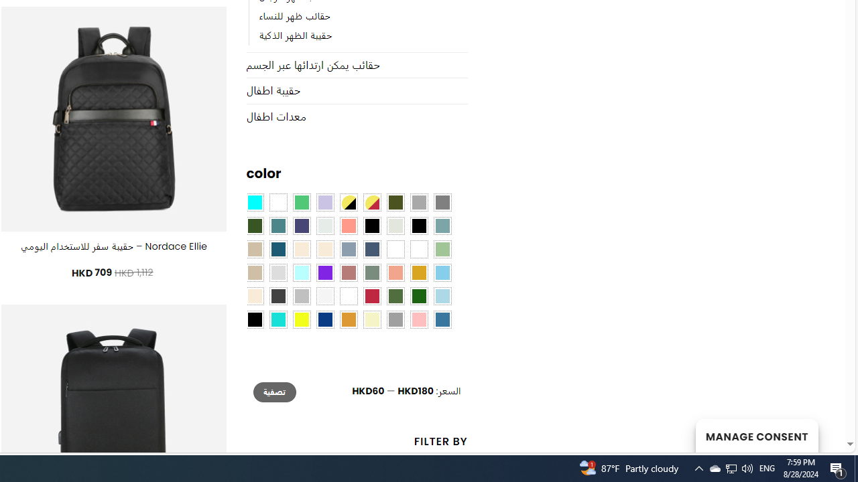 This screenshot has height=482, width=858. Describe the element at coordinates (325, 249) in the screenshot. I see `'Cream'` at that location.